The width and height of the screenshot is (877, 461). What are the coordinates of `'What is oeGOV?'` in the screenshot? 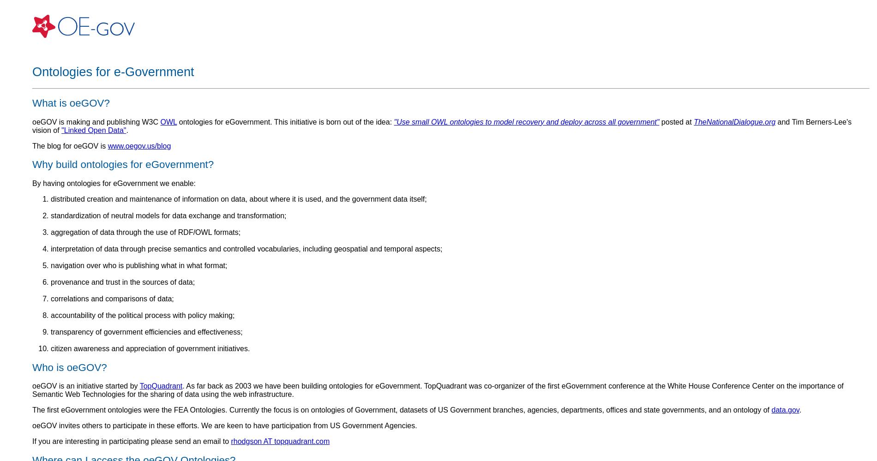 It's located at (71, 103).